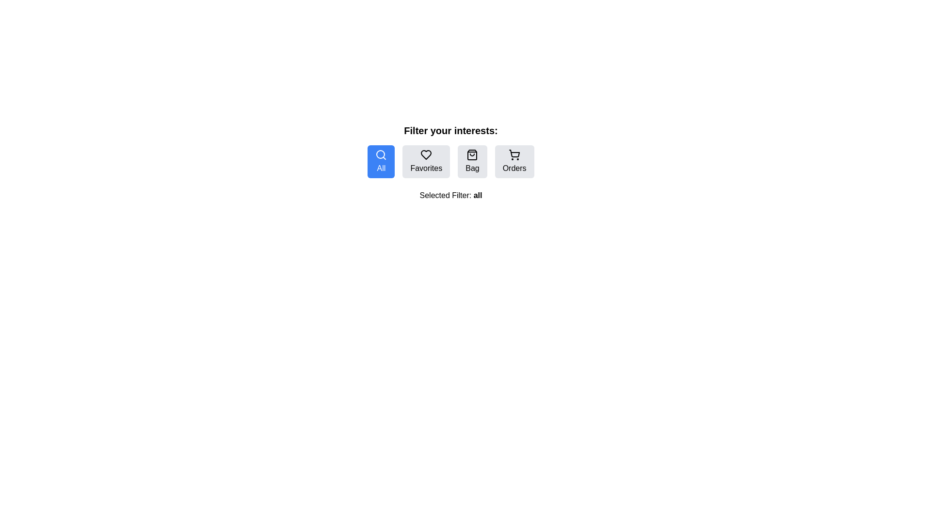 The width and height of the screenshot is (931, 523). Describe the element at coordinates (426, 161) in the screenshot. I see `the filter Favorites to observe its visual feedback` at that location.